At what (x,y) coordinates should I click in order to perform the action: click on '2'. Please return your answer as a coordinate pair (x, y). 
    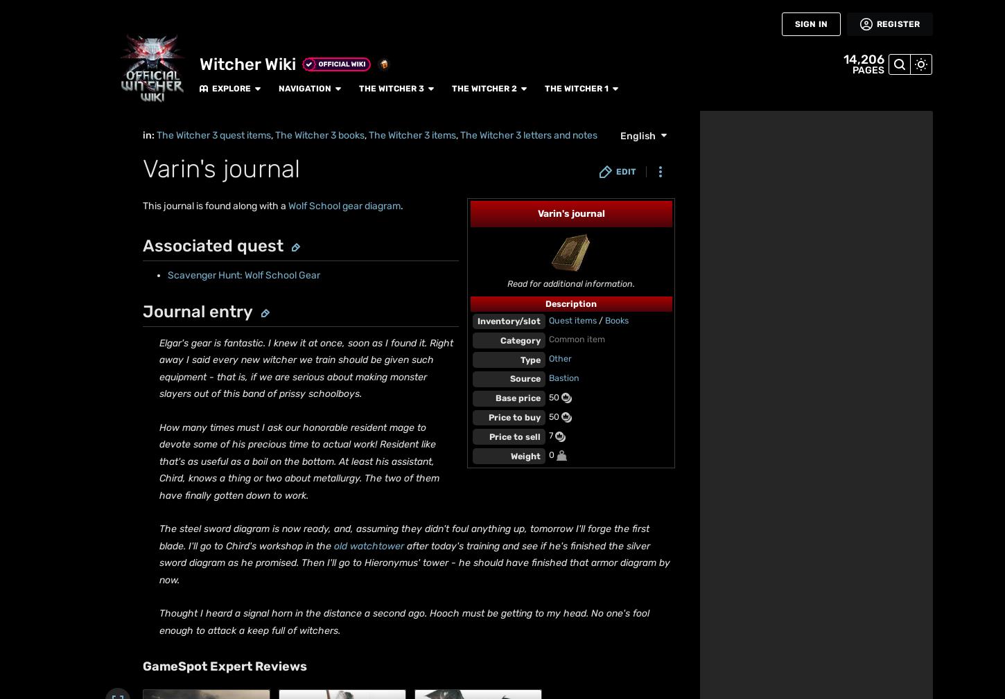
    Looking at the image, I should click on (168, 479).